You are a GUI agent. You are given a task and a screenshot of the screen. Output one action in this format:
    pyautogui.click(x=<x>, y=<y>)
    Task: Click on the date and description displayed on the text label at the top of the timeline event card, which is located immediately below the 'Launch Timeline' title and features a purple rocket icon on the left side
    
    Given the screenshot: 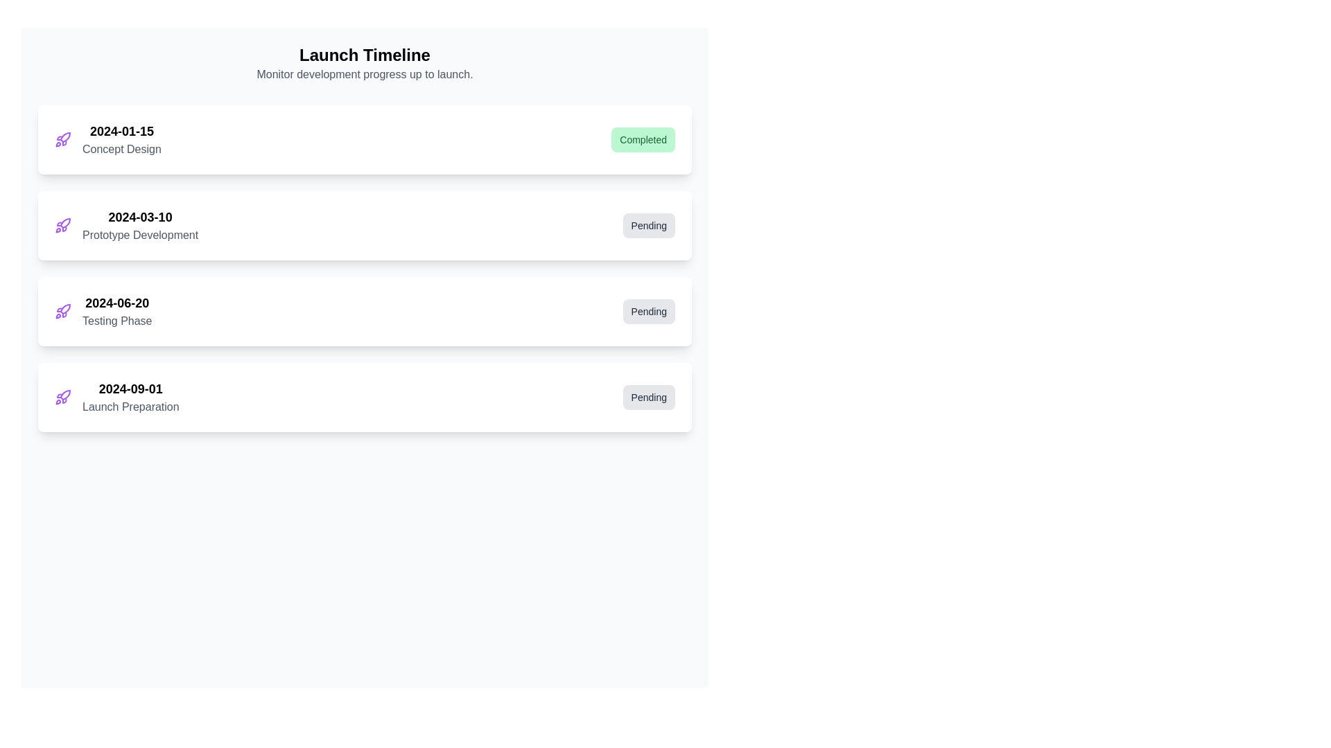 What is the action you would take?
    pyautogui.click(x=121, y=139)
    